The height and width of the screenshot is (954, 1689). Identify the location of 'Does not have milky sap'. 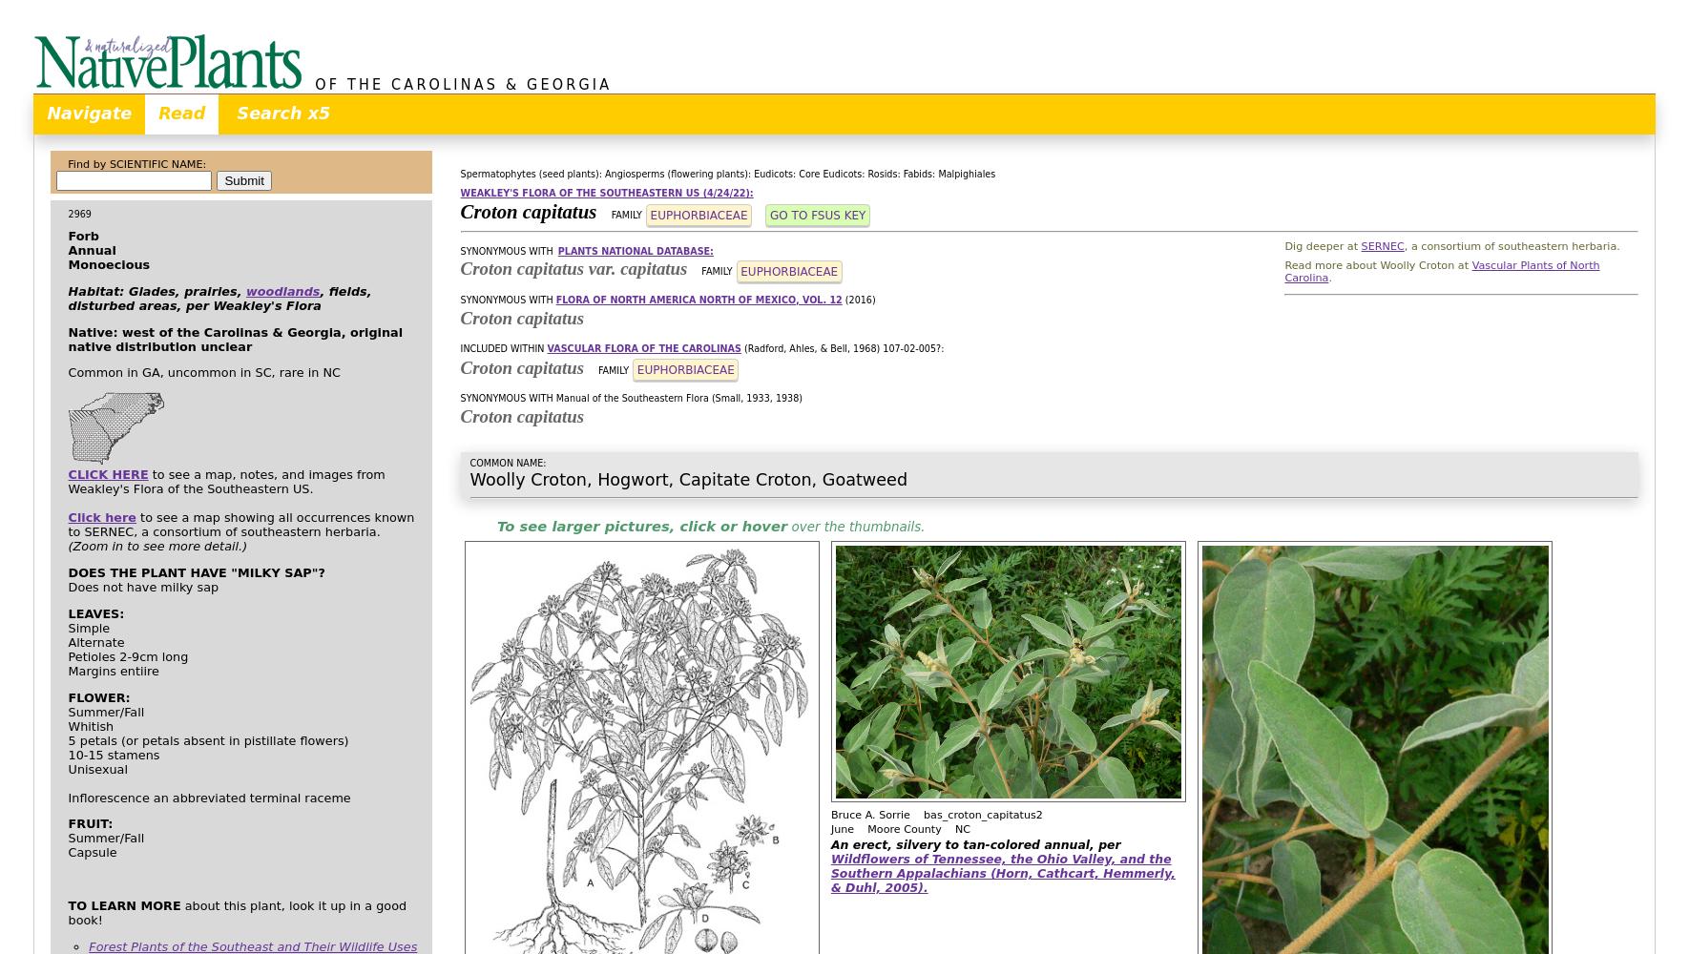
(142, 585).